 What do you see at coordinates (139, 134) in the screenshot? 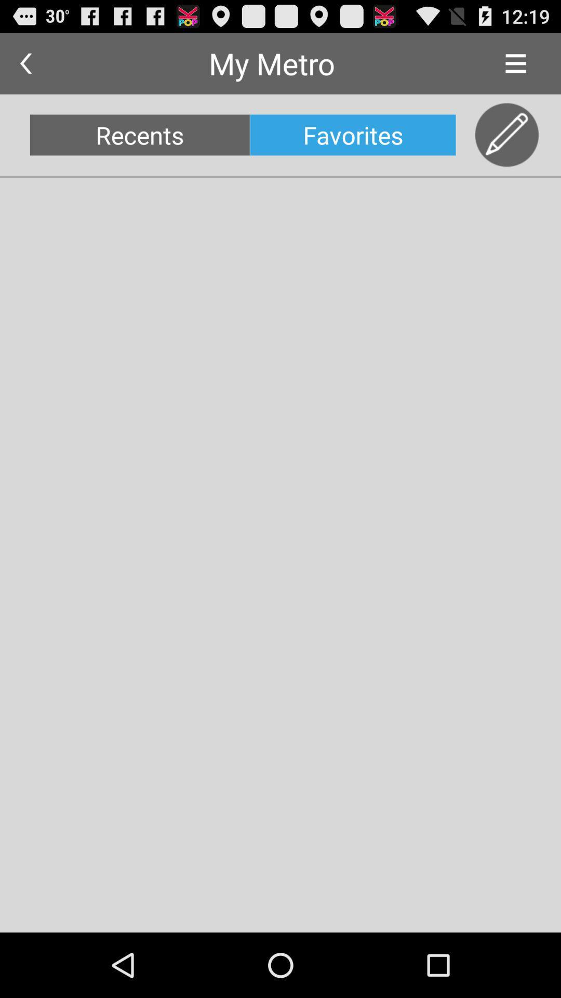
I see `recents item` at bounding box center [139, 134].